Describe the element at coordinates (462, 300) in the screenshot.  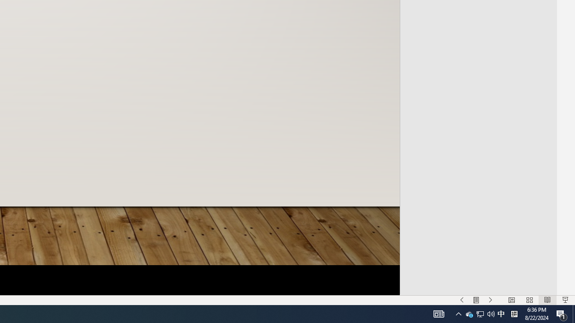
I see `'Slide Show Previous On'` at that location.